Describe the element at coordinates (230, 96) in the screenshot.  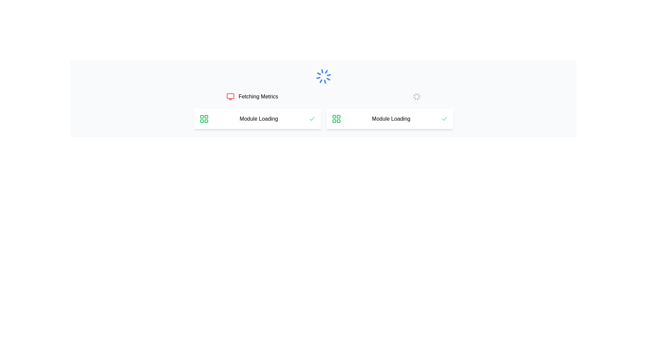
I see `the monitor icon located in the upper left section of the interface, immediately left of the text 'Fetching Metrics', to gather information regarding system metrics or monitoring tasks` at that location.